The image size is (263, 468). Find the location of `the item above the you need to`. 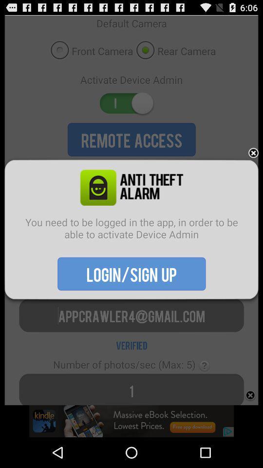

the item above the you need to is located at coordinates (253, 153).